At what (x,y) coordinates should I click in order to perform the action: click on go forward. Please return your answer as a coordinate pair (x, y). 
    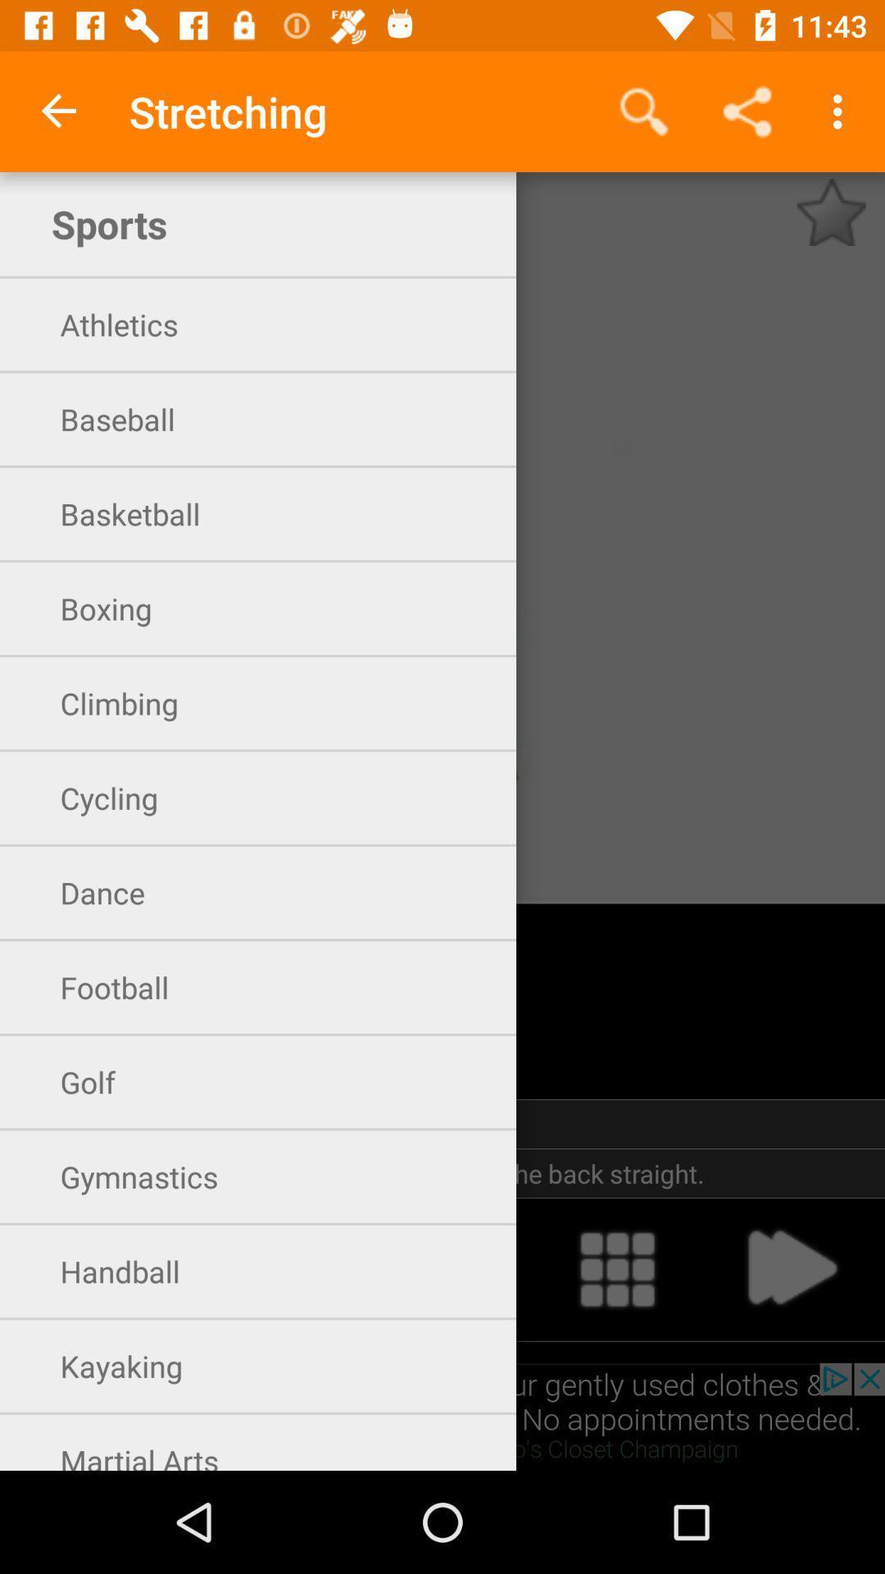
    Looking at the image, I should click on (790, 1268).